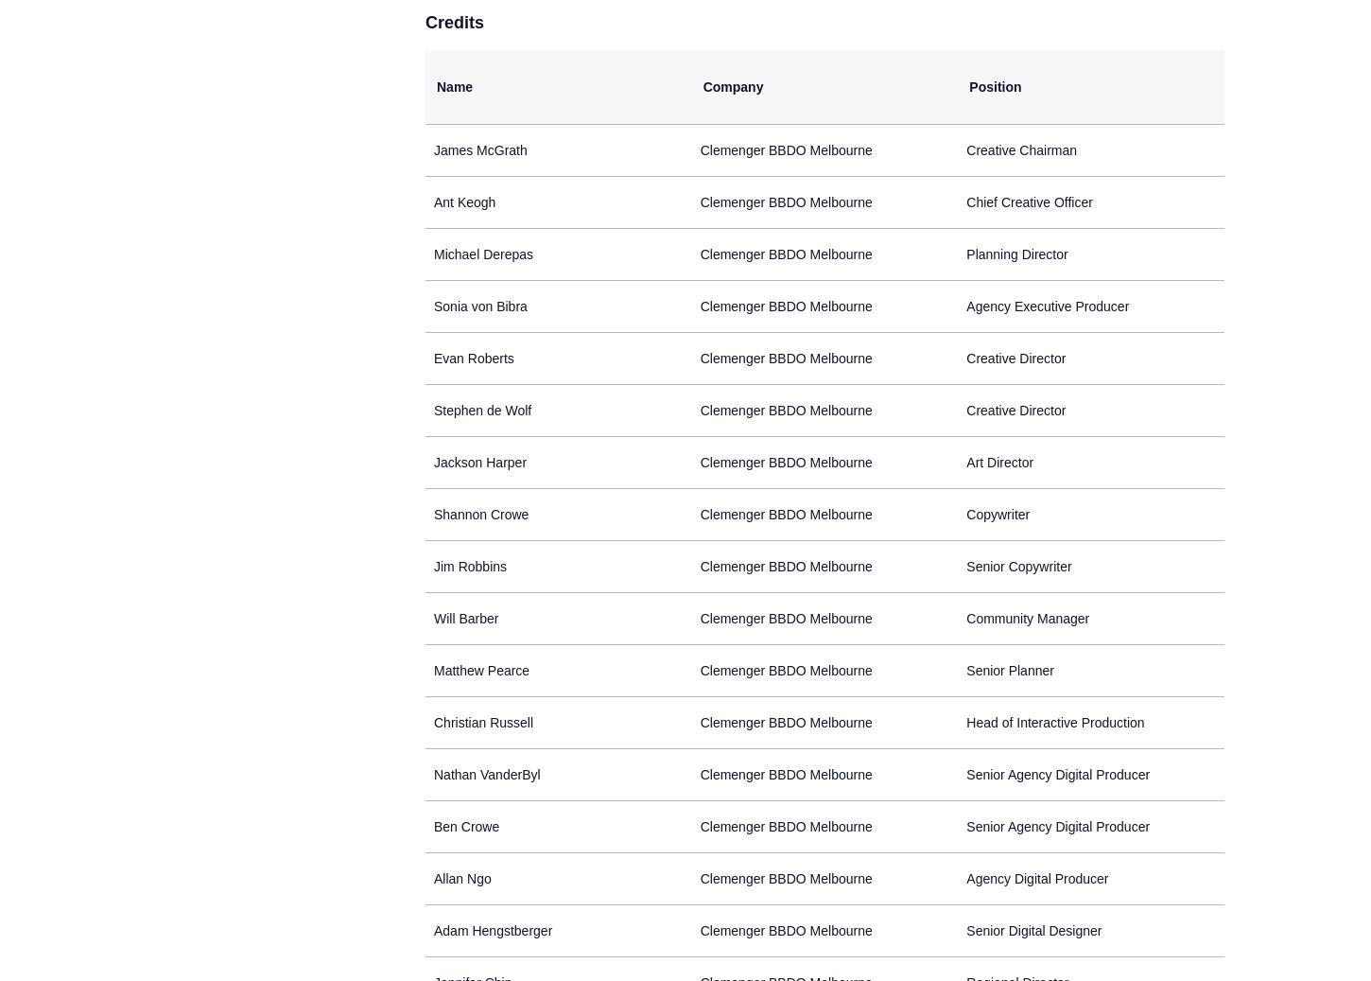  I want to click on 'Shannon Crowe', so click(480, 515).